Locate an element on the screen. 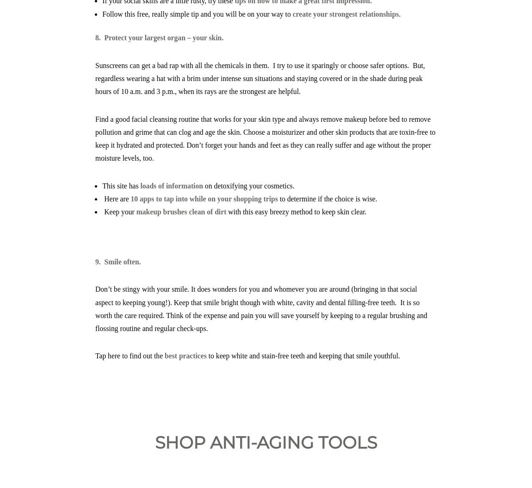 Image resolution: width=532 pixels, height=488 pixels. '8.  Protect your largest organ – your skin.' is located at coordinates (94, 37).